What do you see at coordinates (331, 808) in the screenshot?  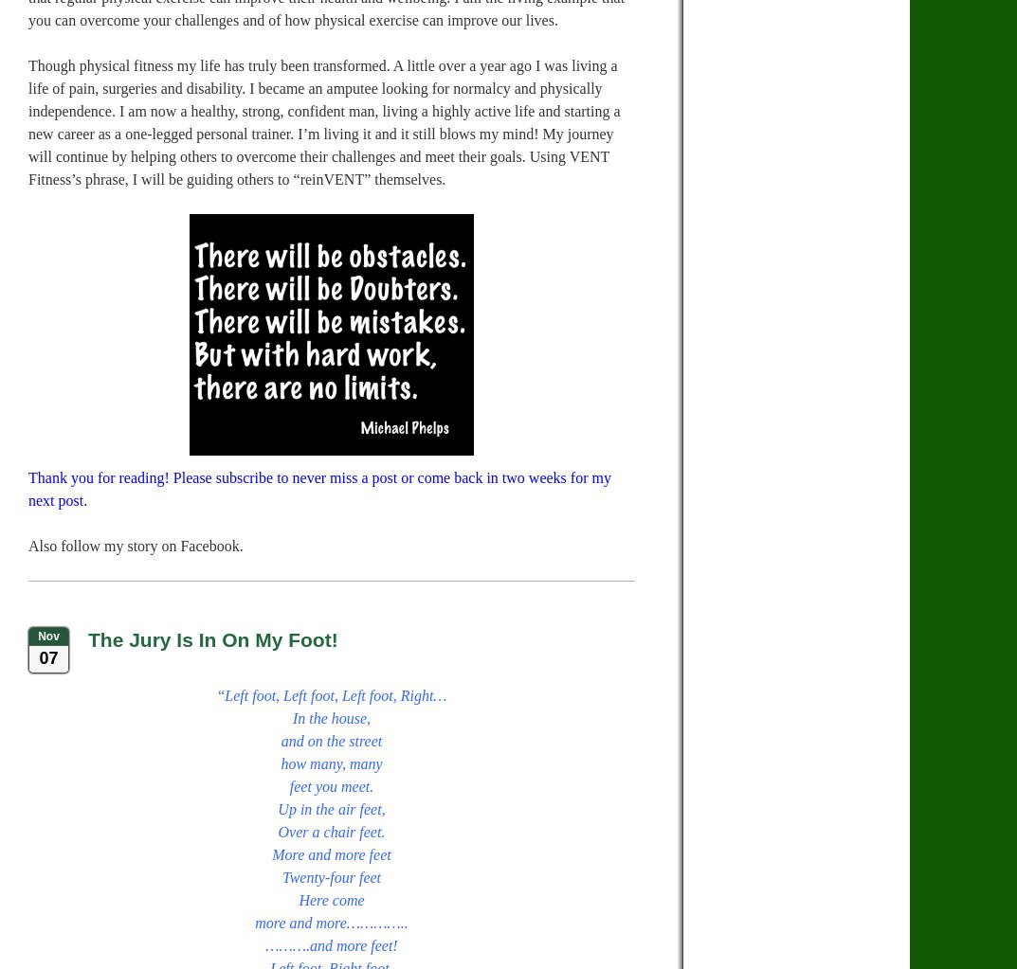 I see `'Up in the air feet,'` at bounding box center [331, 808].